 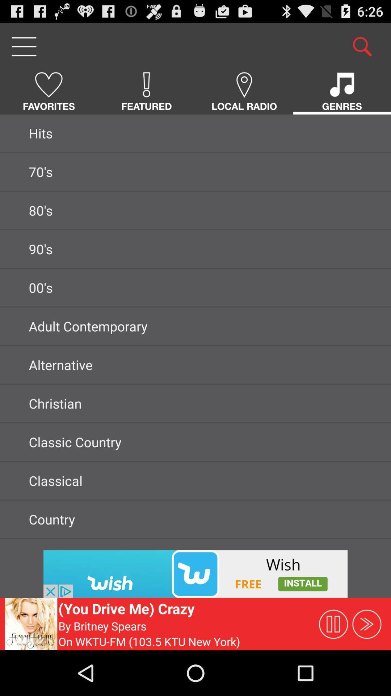 What do you see at coordinates (23, 49) in the screenshot?
I see `the menu icon` at bounding box center [23, 49].